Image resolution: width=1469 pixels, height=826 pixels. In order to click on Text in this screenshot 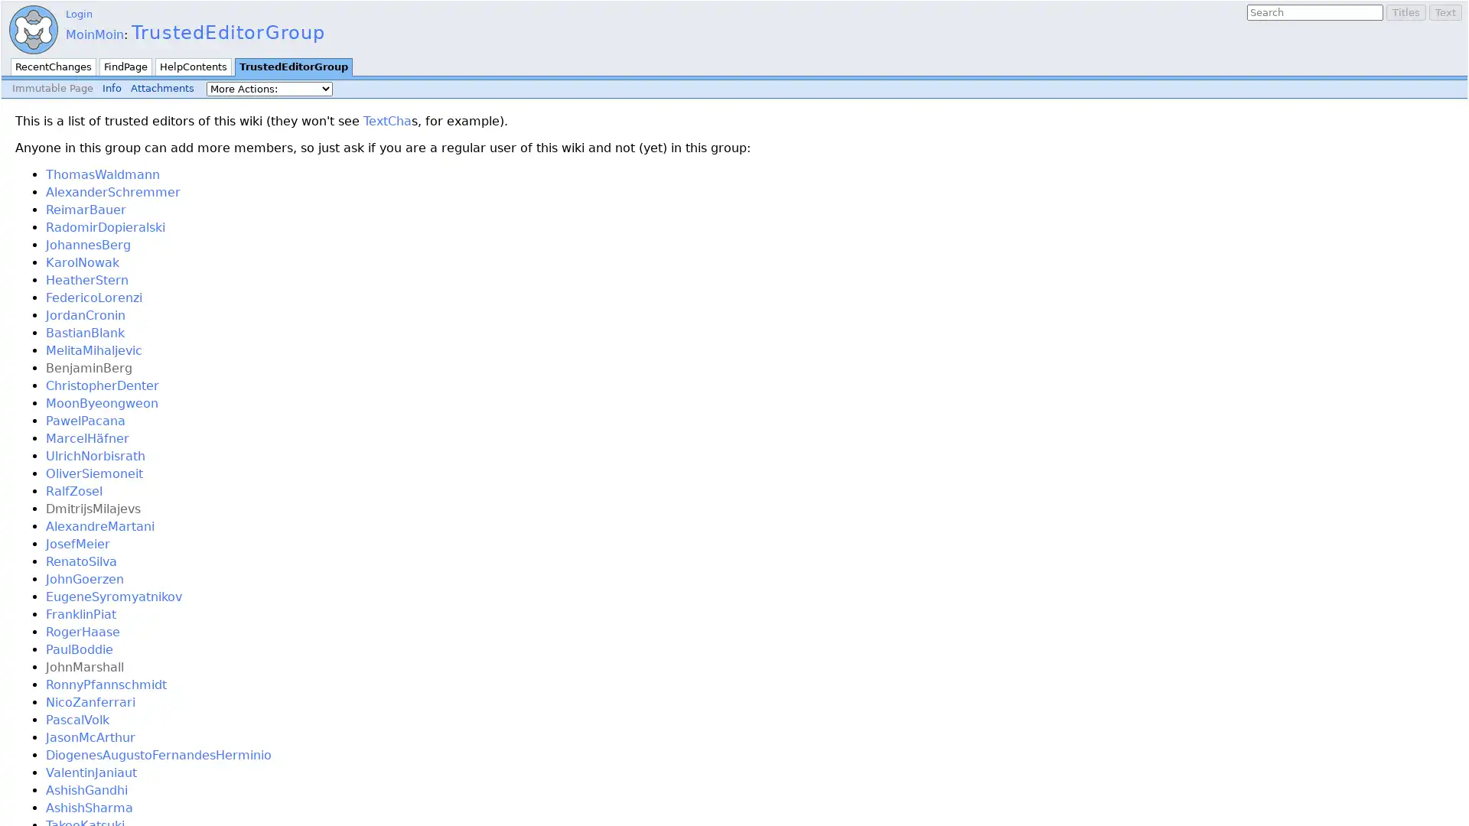, I will do `click(1445, 12)`.